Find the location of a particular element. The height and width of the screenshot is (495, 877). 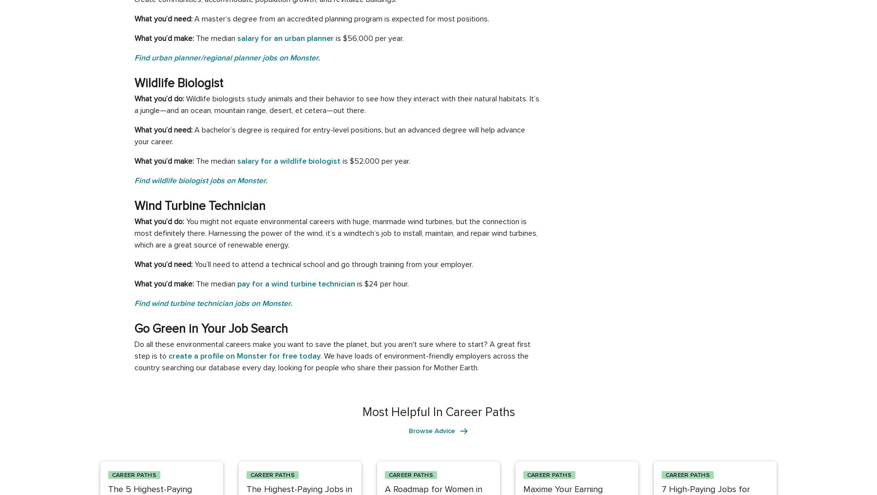

'Find wind turbine technician jobs on Monster.' is located at coordinates (213, 304).